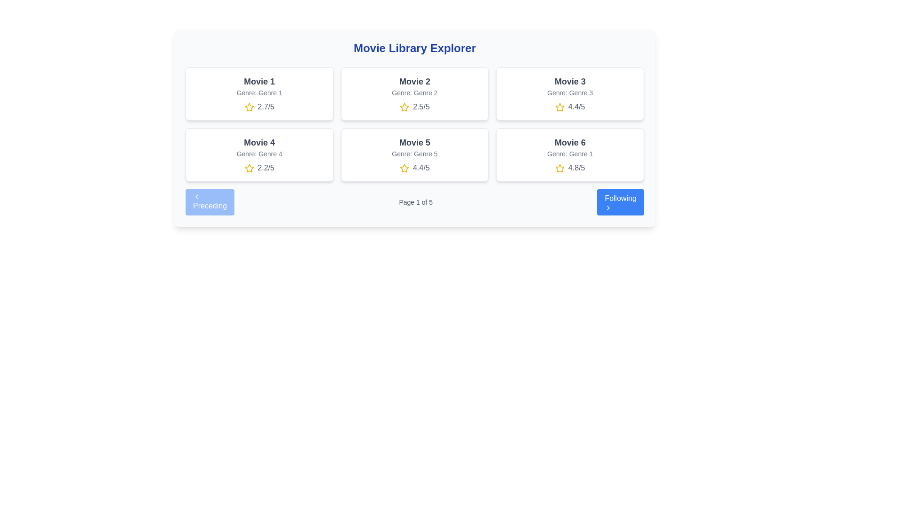 Image resolution: width=902 pixels, height=507 pixels. I want to click on the text label displaying 'Genre: Genre 2' located below the title 'Movie 2' within the card layout, so click(414, 92).